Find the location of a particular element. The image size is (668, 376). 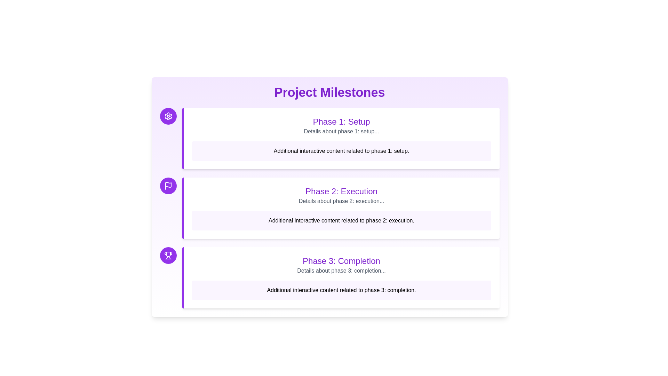

the trophy icon located in the bottommost purple circular icon in the left sidebar of the Project Milestones interface to infer its function is located at coordinates (168, 255).